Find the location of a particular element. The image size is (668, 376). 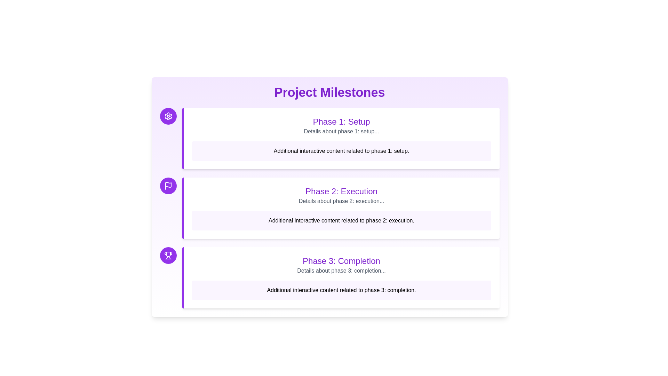

the trophy icon located in the bottommost purple circular icon in the left sidebar of the Project Milestones interface to infer its function is located at coordinates (168, 255).